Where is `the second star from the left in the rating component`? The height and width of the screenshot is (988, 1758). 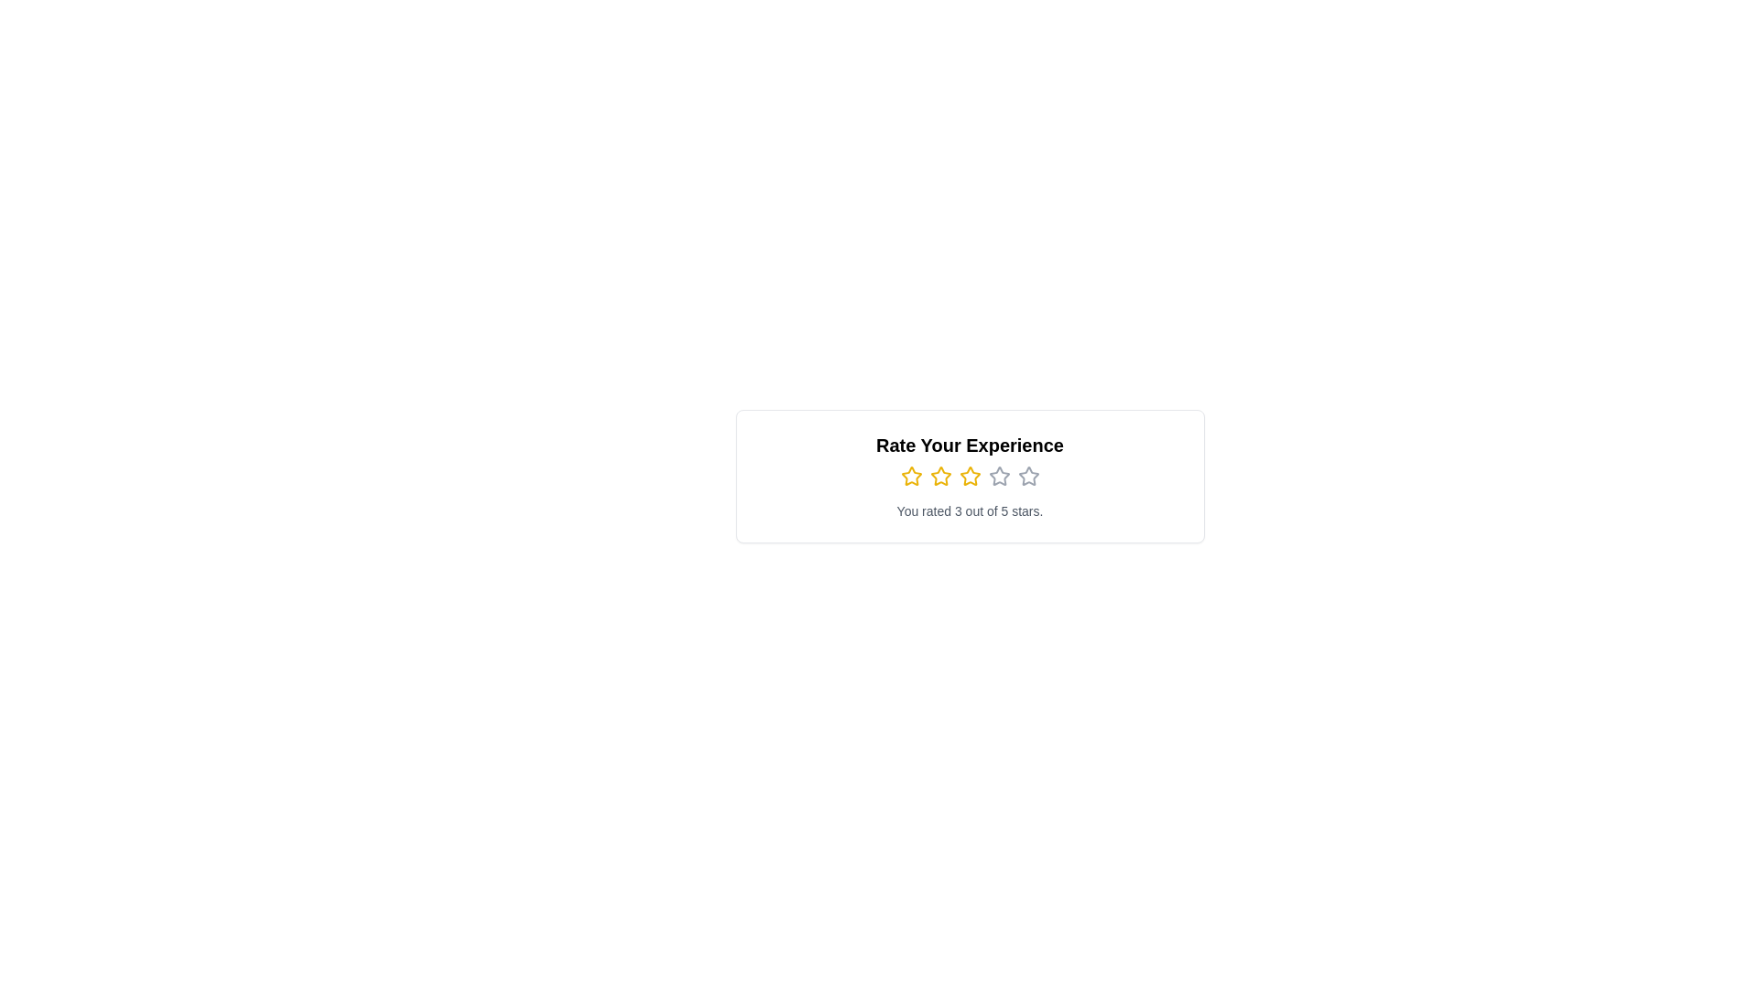 the second star from the left in the rating component is located at coordinates (940, 475).